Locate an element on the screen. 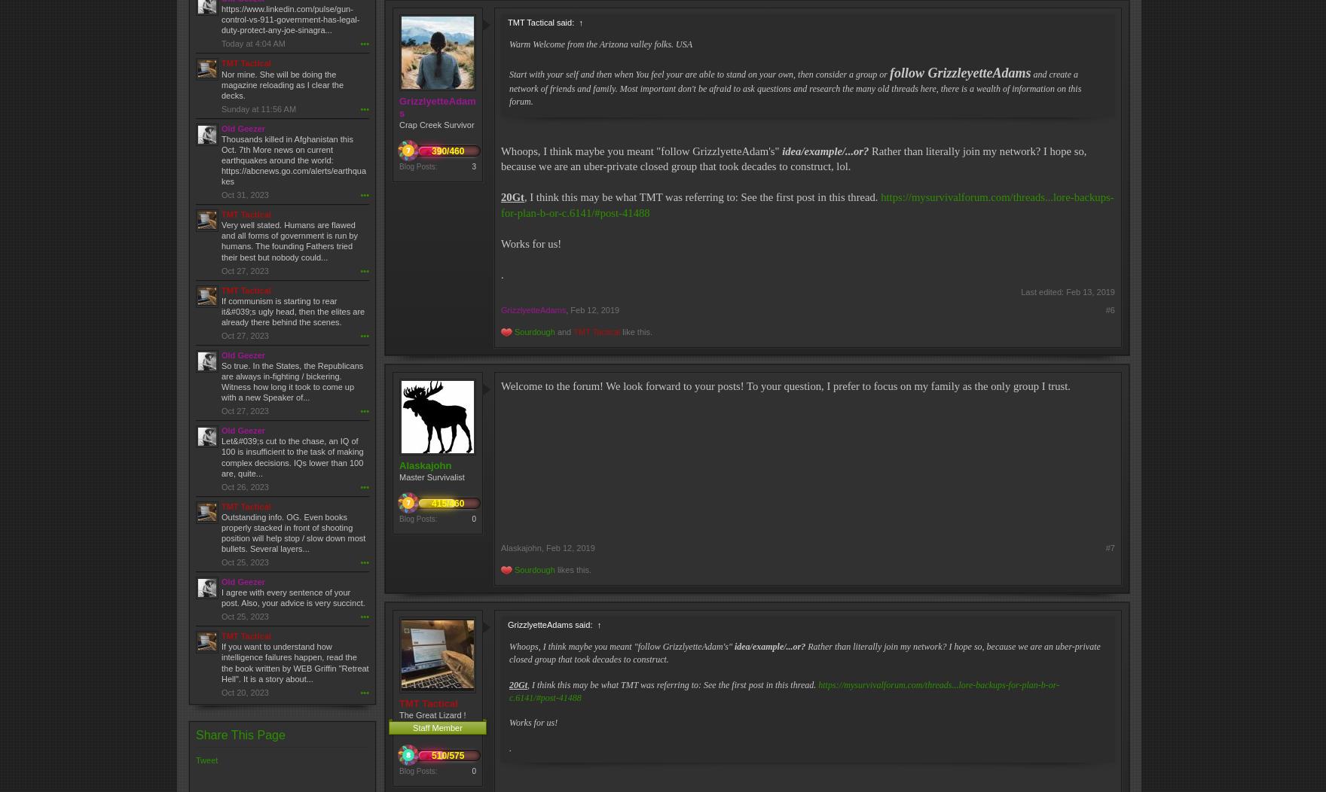  'Staff Member' is located at coordinates (437, 727).